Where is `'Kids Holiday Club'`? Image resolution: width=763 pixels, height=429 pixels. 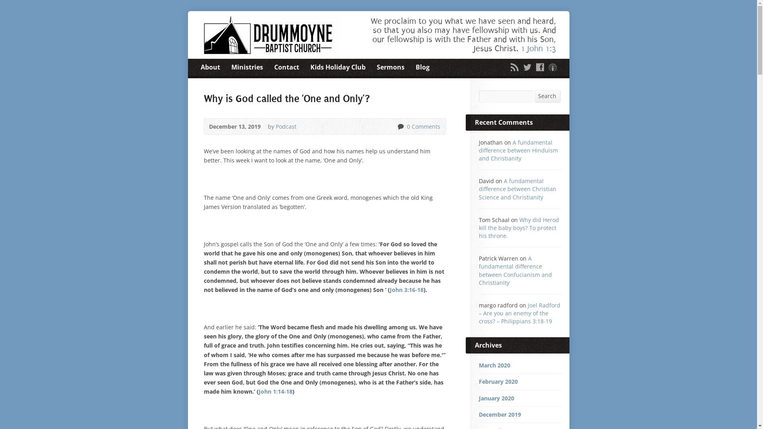
'Kids Holiday Club' is located at coordinates (337, 67).